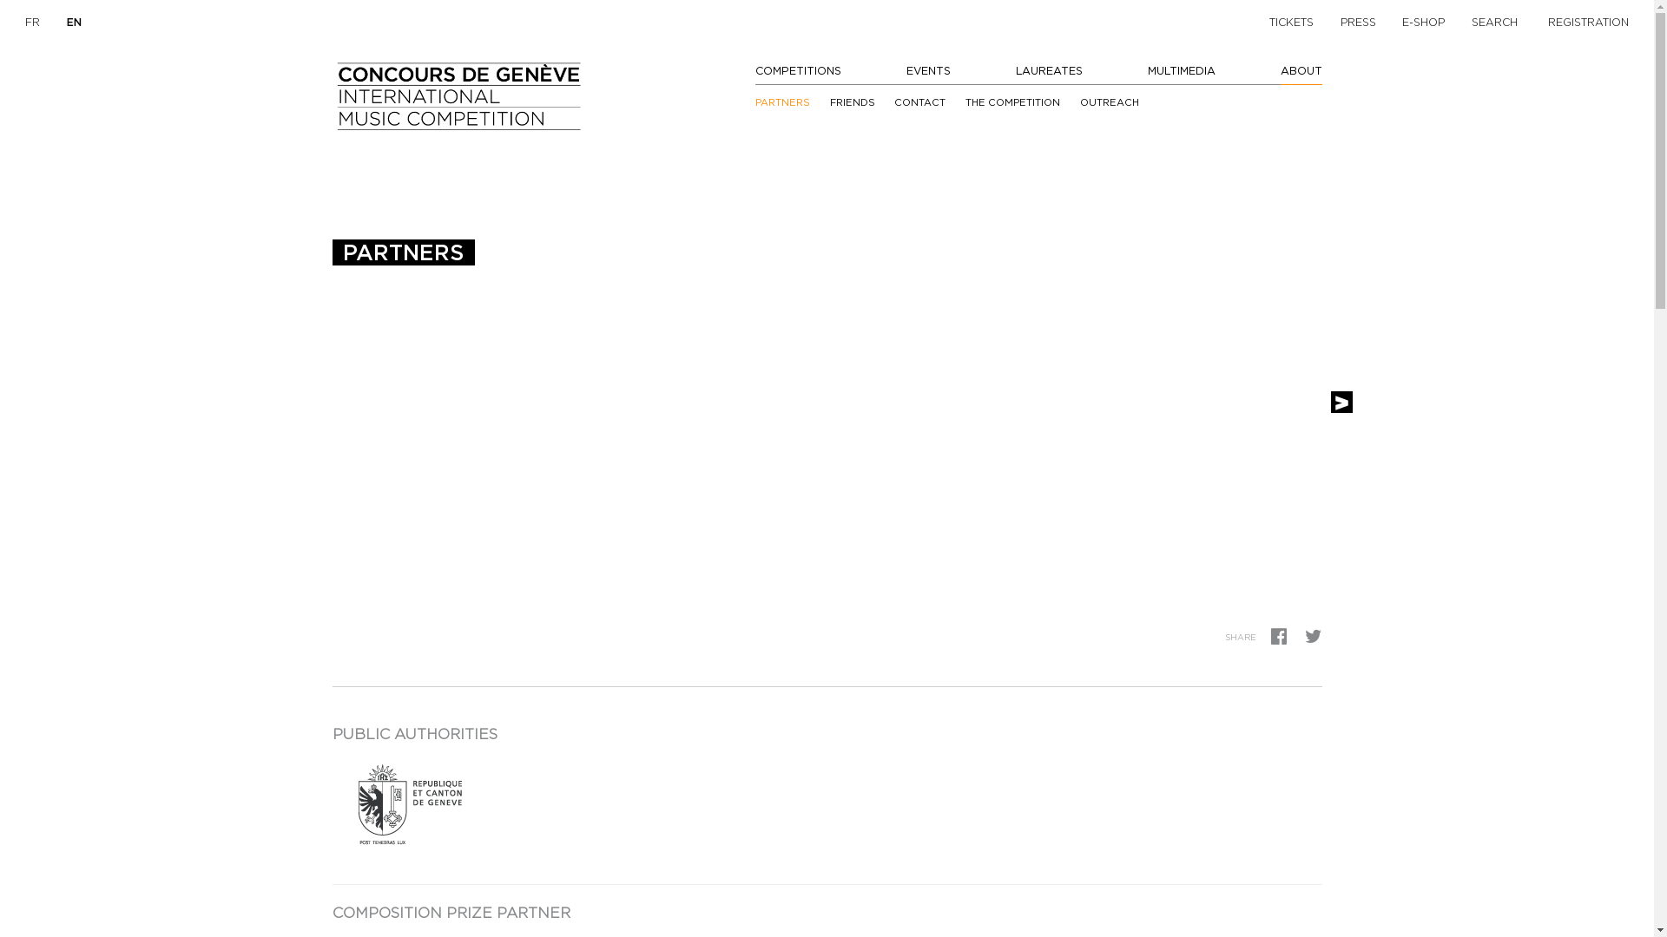  Describe the element at coordinates (32, 22) in the screenshot. I see `'FR'` at that location.